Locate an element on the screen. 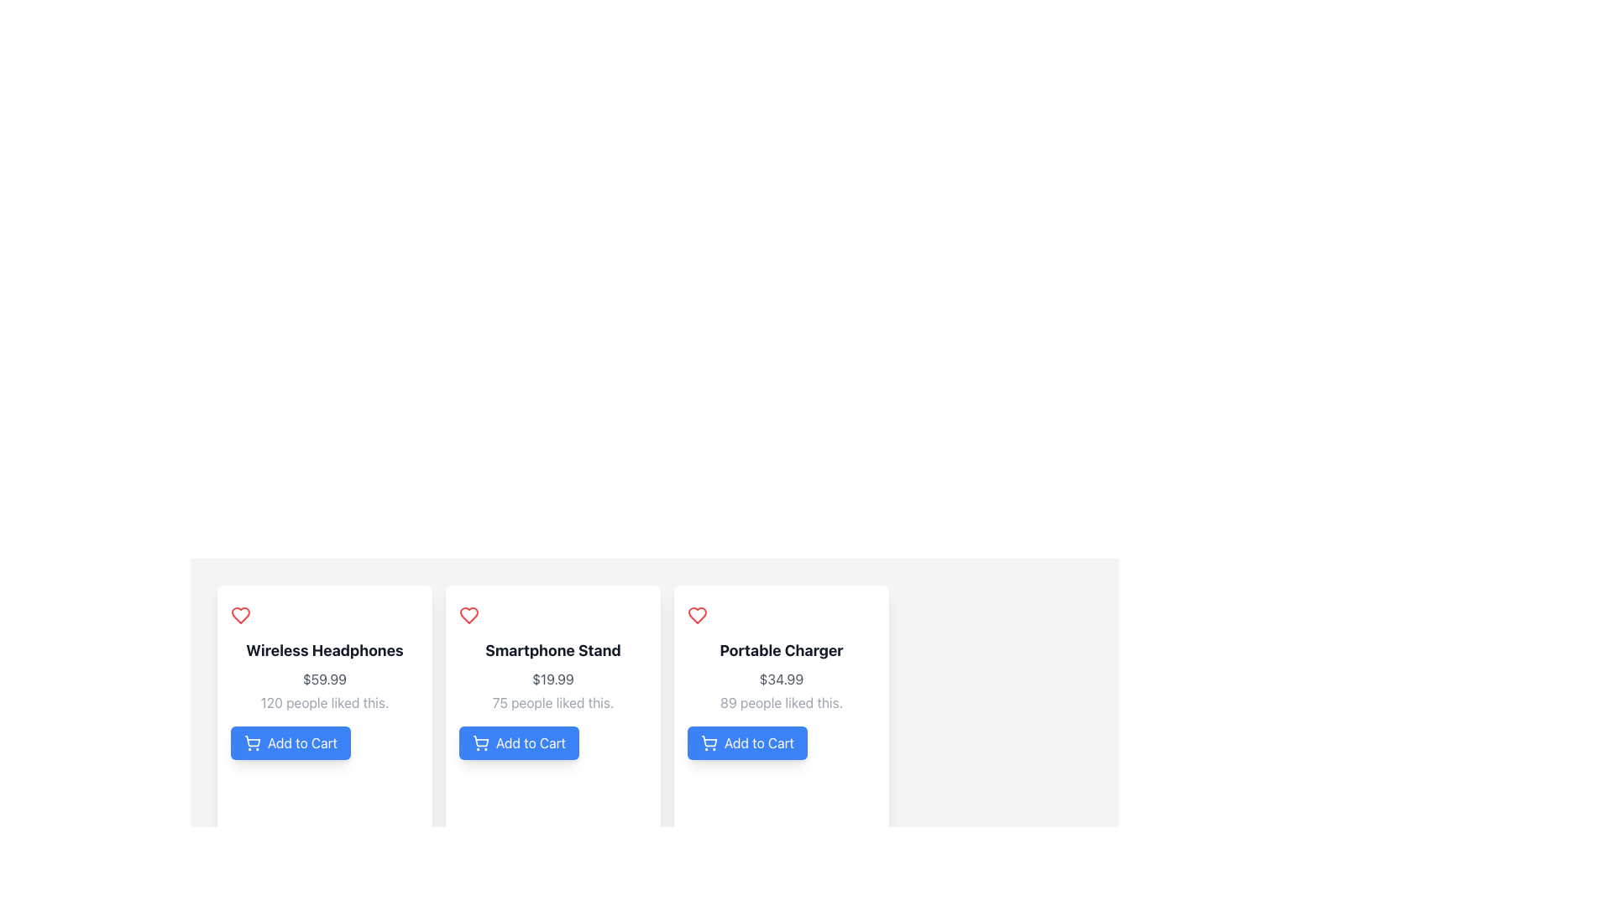 The height and width of the screenshot is (906, 1612). the heart icon located in the top-left corner of the 'Wireless Headphones' product card, which represents a 'like' action is located at coordinates (240, 615).